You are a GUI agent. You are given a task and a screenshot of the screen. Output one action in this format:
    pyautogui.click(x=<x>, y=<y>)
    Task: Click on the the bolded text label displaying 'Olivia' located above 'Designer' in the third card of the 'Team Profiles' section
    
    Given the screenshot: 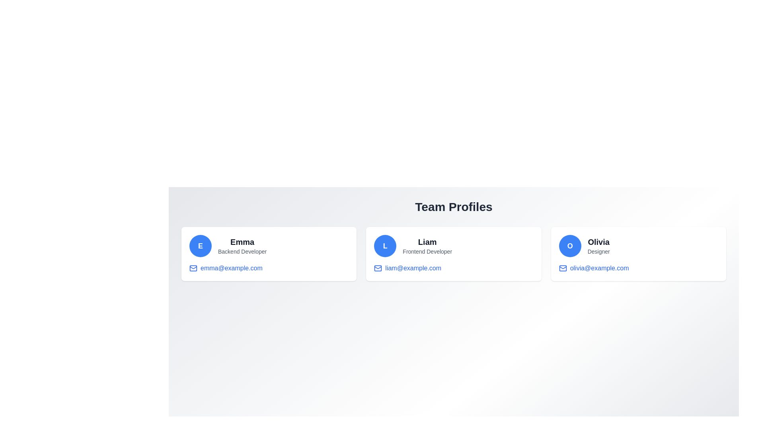 What is the action you would take?
    pyautogui.click(x=598, y=242)
    